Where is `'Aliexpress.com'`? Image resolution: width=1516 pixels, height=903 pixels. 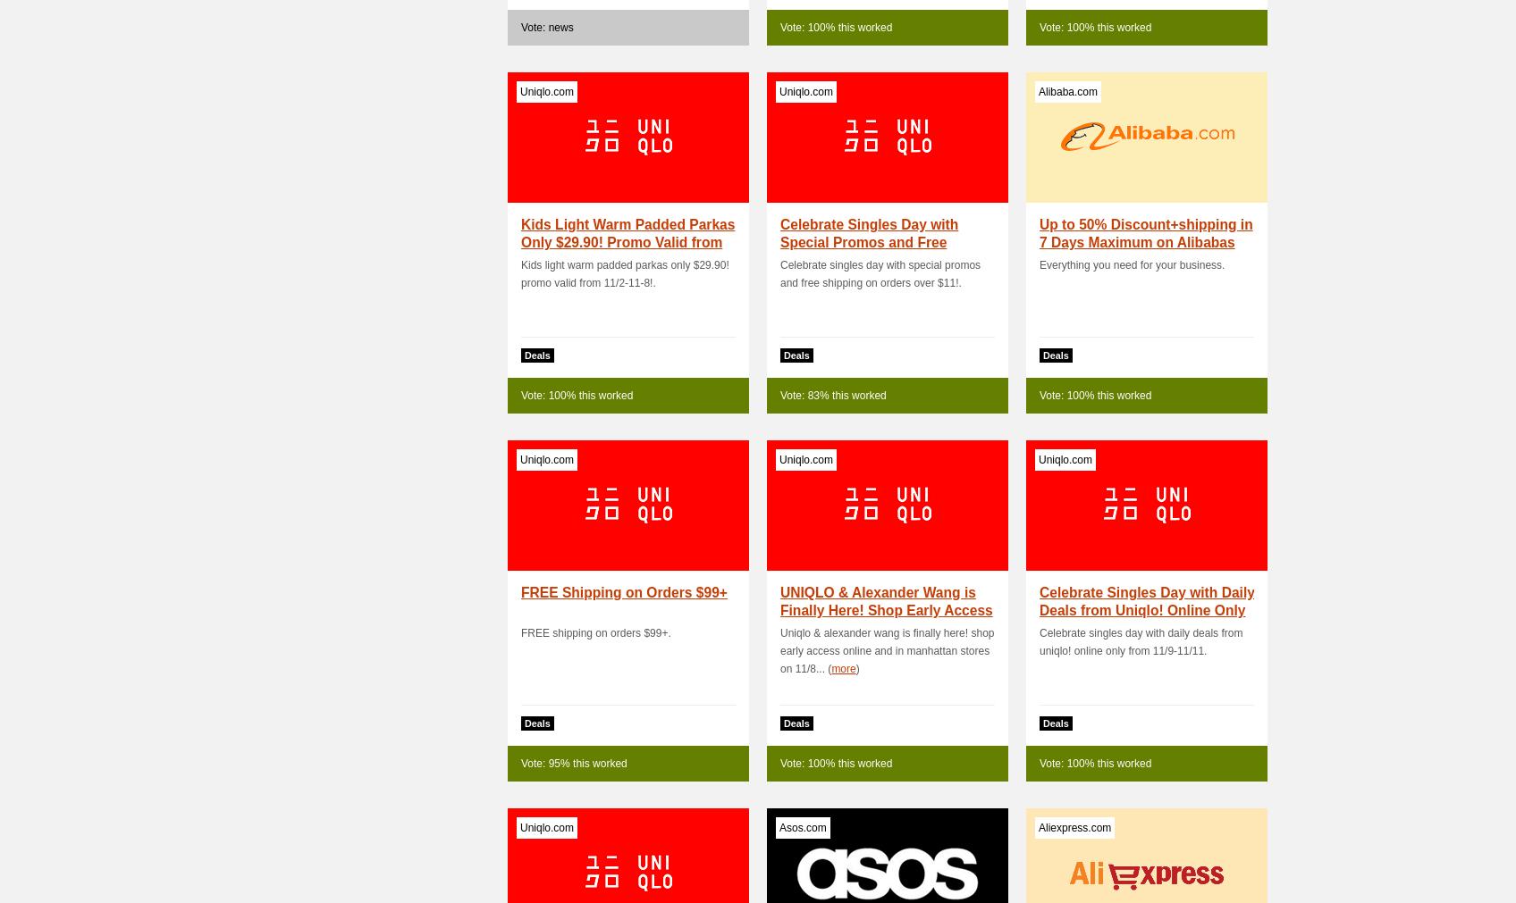 'Aliexpress.com' is located at coordinates (1074, 827).